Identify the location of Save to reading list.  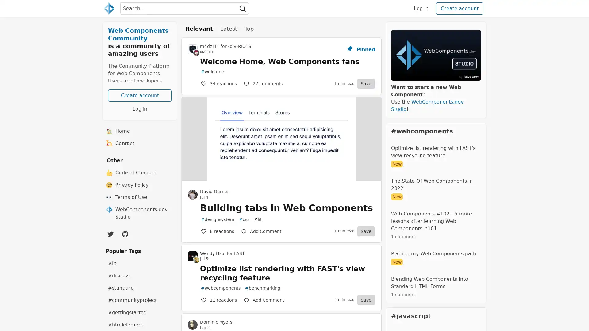
(366, 299).